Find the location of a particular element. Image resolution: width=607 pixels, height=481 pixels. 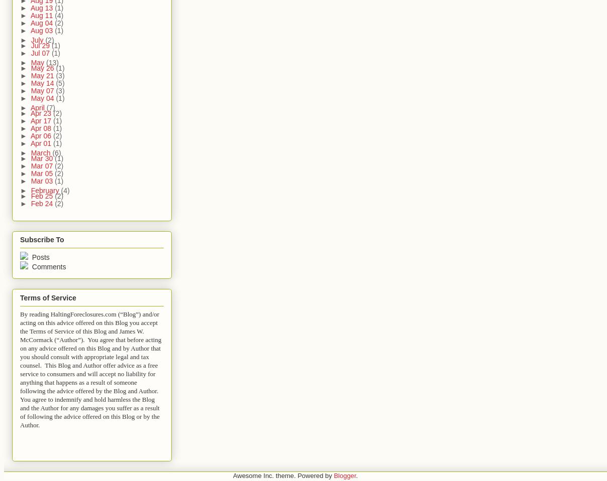

'Comments' is located at coordinates (47, 266).